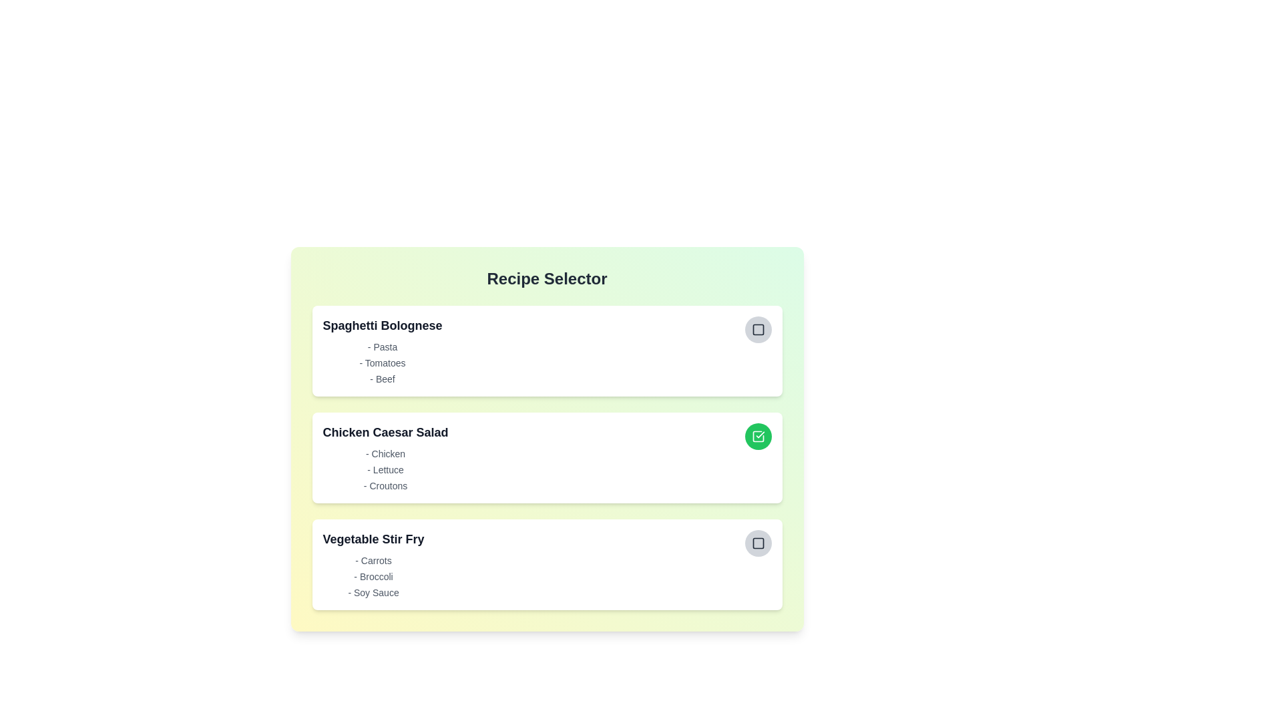 The image size is (1282, 721). Describe the element at coordinates (384, 457) in the screenshot. I see `the recipe Chicken Caesar Salad to view its ingredients` at that location.